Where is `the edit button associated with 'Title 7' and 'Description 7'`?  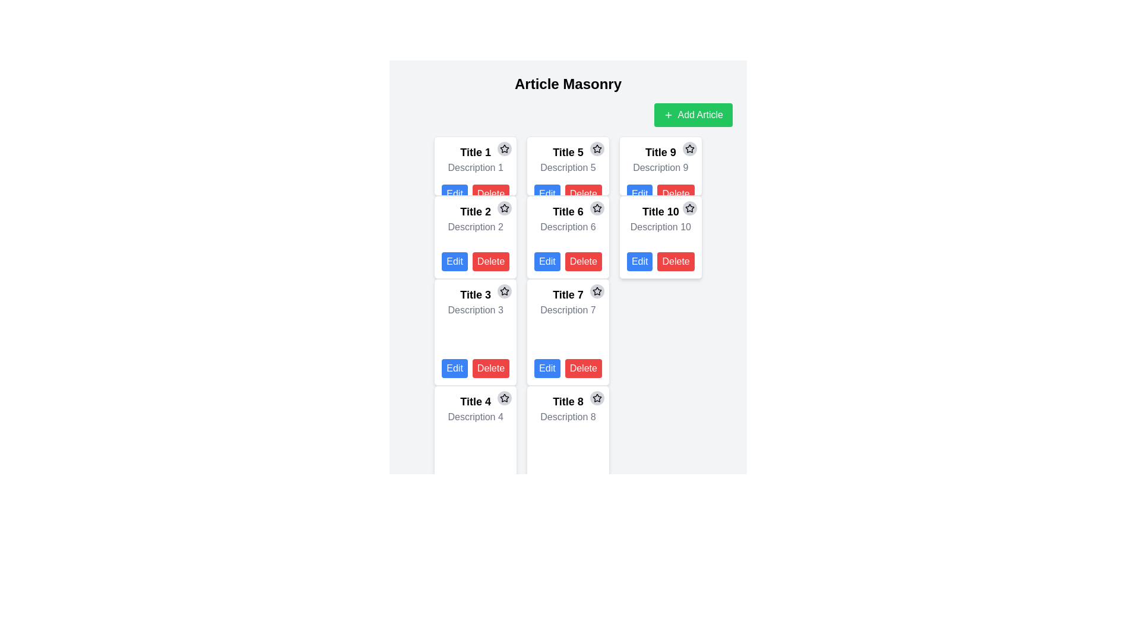 the edit button associated with 'Title 7' and 'Description 7' is located at coordinates (546, 368).